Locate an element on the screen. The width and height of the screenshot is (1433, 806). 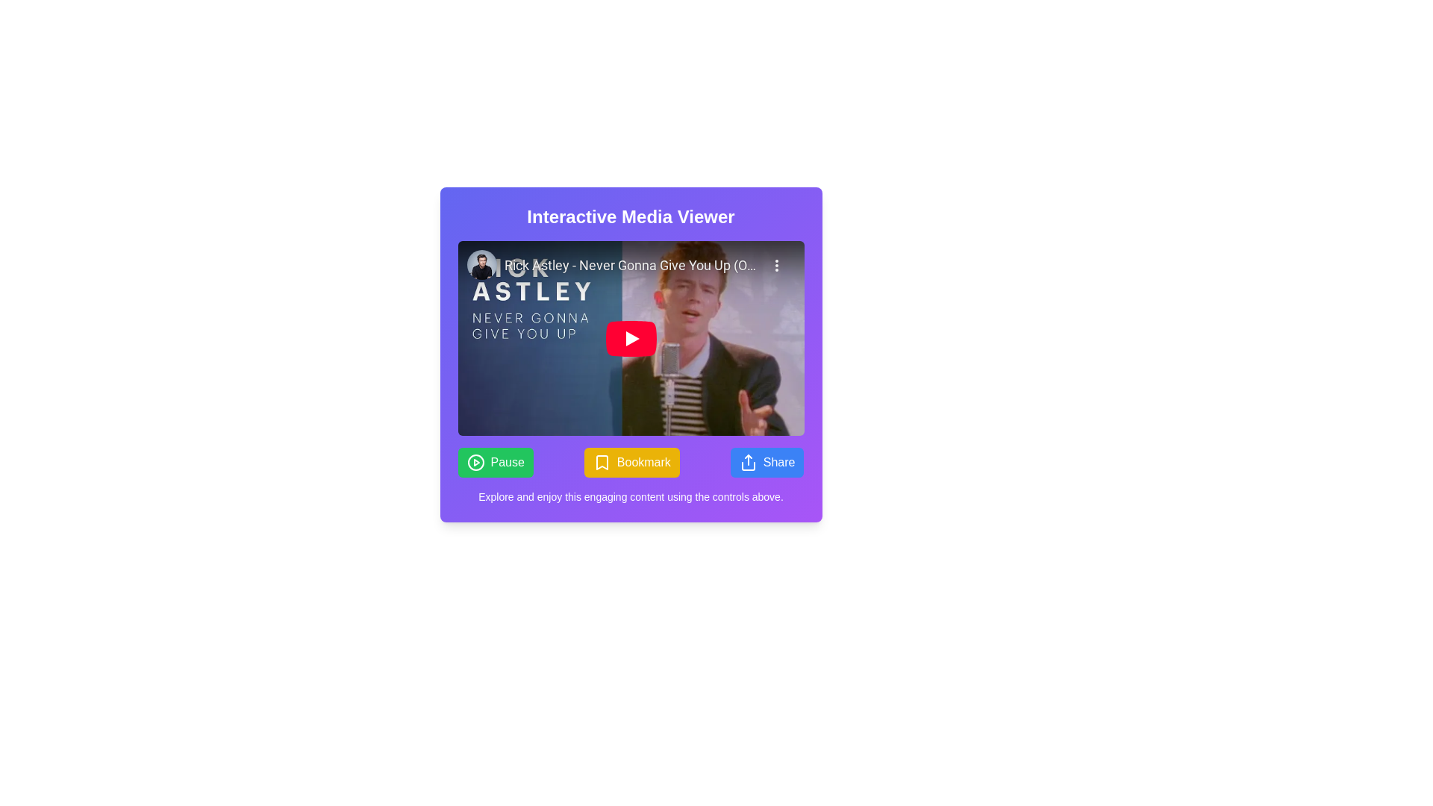
the green 'Pause' button with rounded corners, which has a white text label and a play icon on its left is located at coordinates (496, 462).